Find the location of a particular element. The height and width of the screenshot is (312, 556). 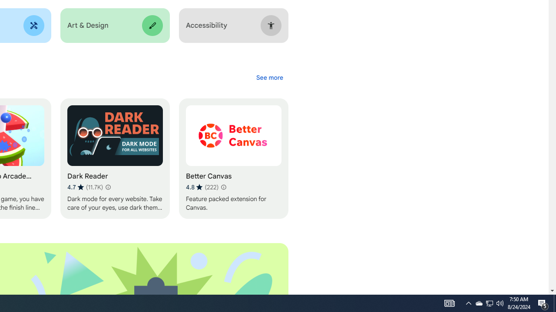

'Average rating 4.8 out of 5 stars. 222 ratings.' is located at coordinates (202, 187).